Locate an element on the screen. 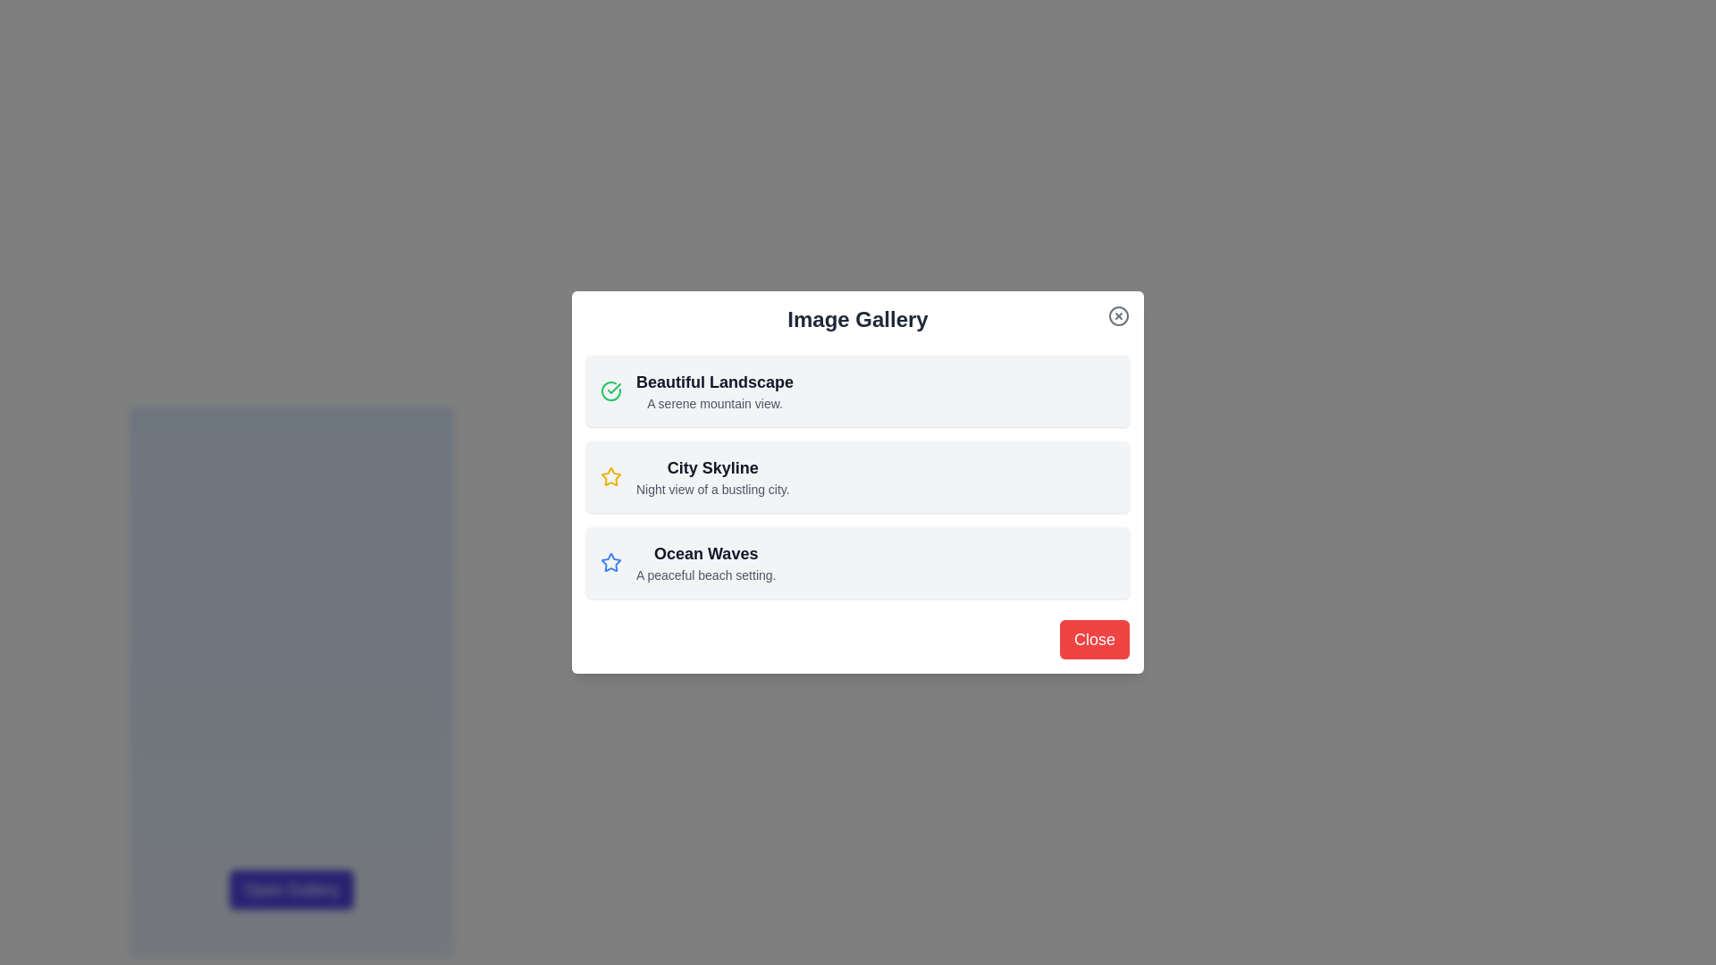  text displayed in the 'Image Gallery' header, which is a large, bold, and centrally aligned text at the top of the modal is located at coordinates (858, 319).